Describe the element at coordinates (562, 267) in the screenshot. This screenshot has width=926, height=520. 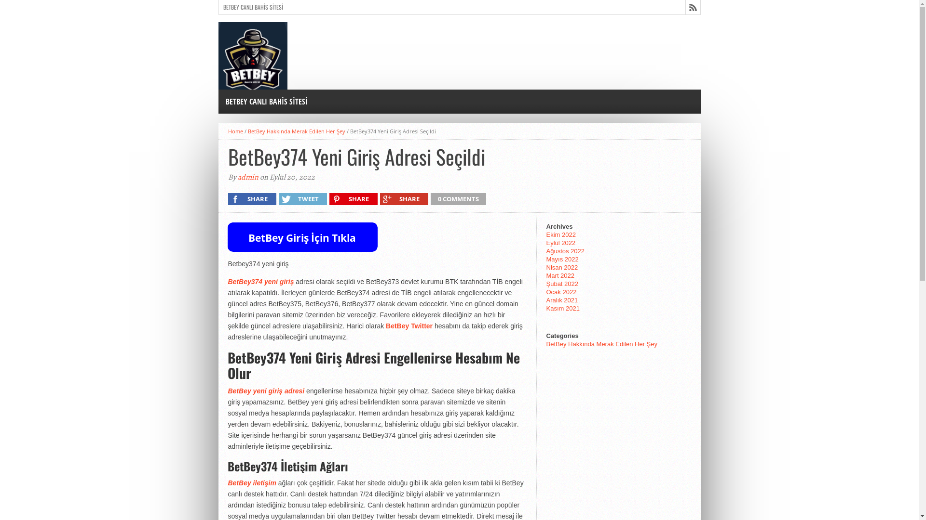
I see `'Nisan 2022'` at that location.